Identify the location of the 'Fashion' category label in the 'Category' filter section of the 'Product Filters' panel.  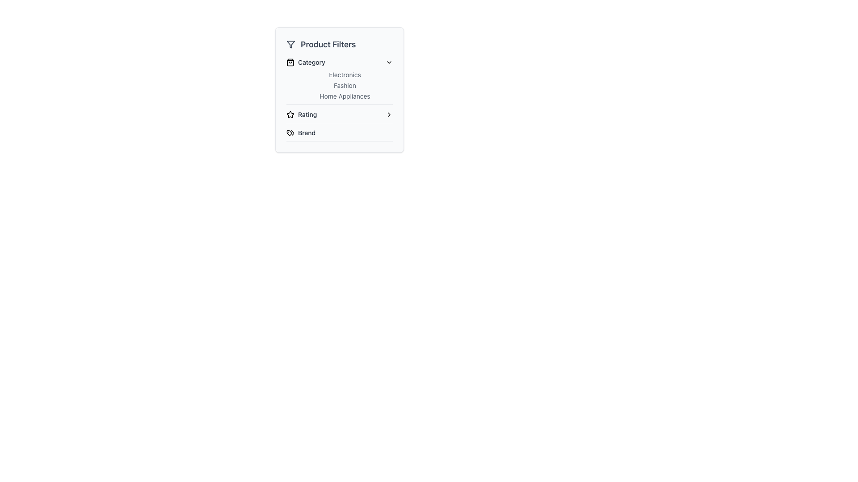
(345, 86).